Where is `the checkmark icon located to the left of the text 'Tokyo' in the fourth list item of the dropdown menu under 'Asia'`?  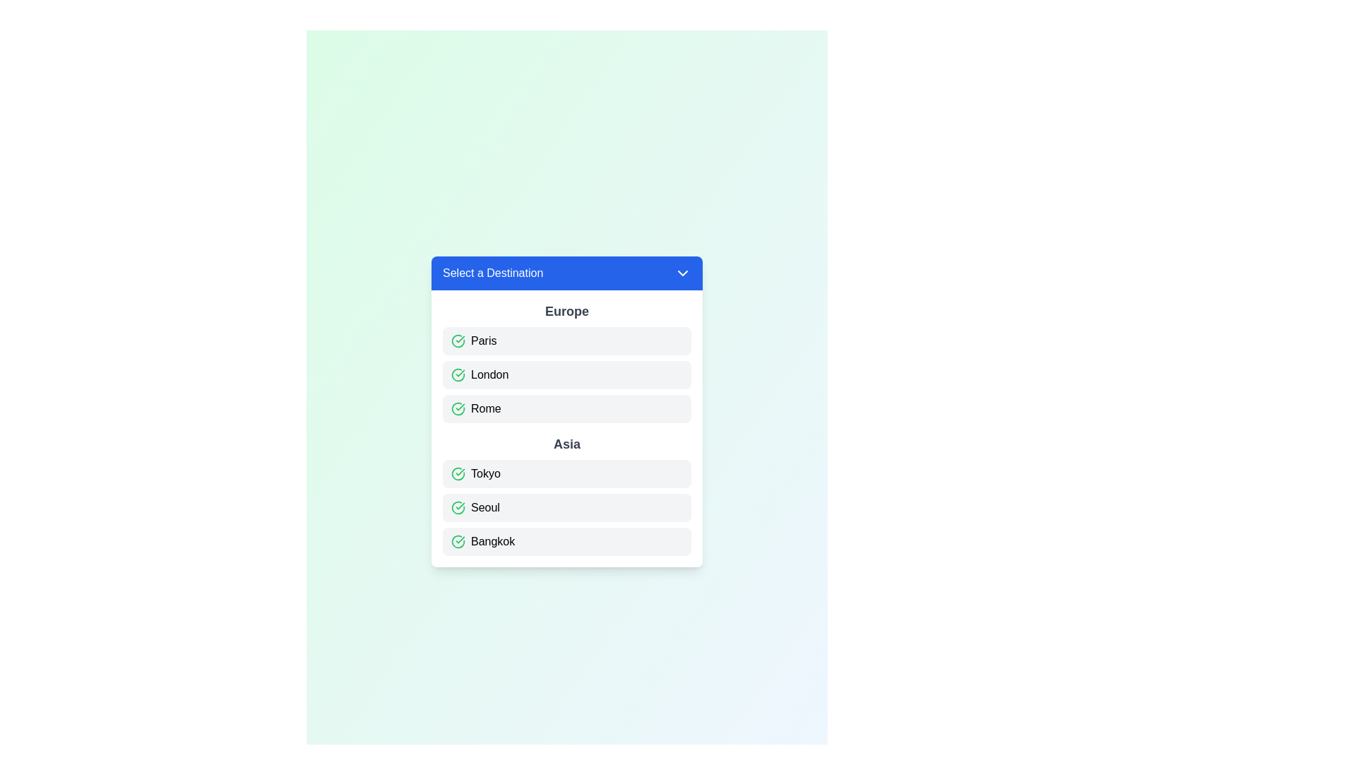
the checkmark icon located to the left of the text 'Tokyo' in the fourth list item of the dropdown menu under 'Asia' is located at coordinates (458, 474).